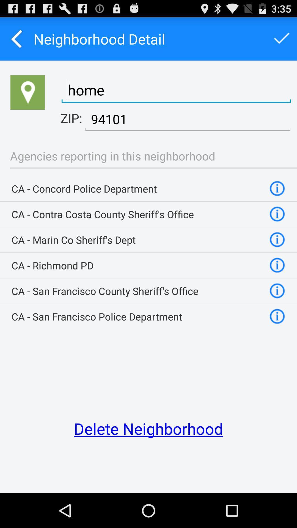 Image resolution: width=297 pixels, height=528 pixels. Describe the element at coordinates (282, 41) in the screenshot. I see `the check icon` at that location.